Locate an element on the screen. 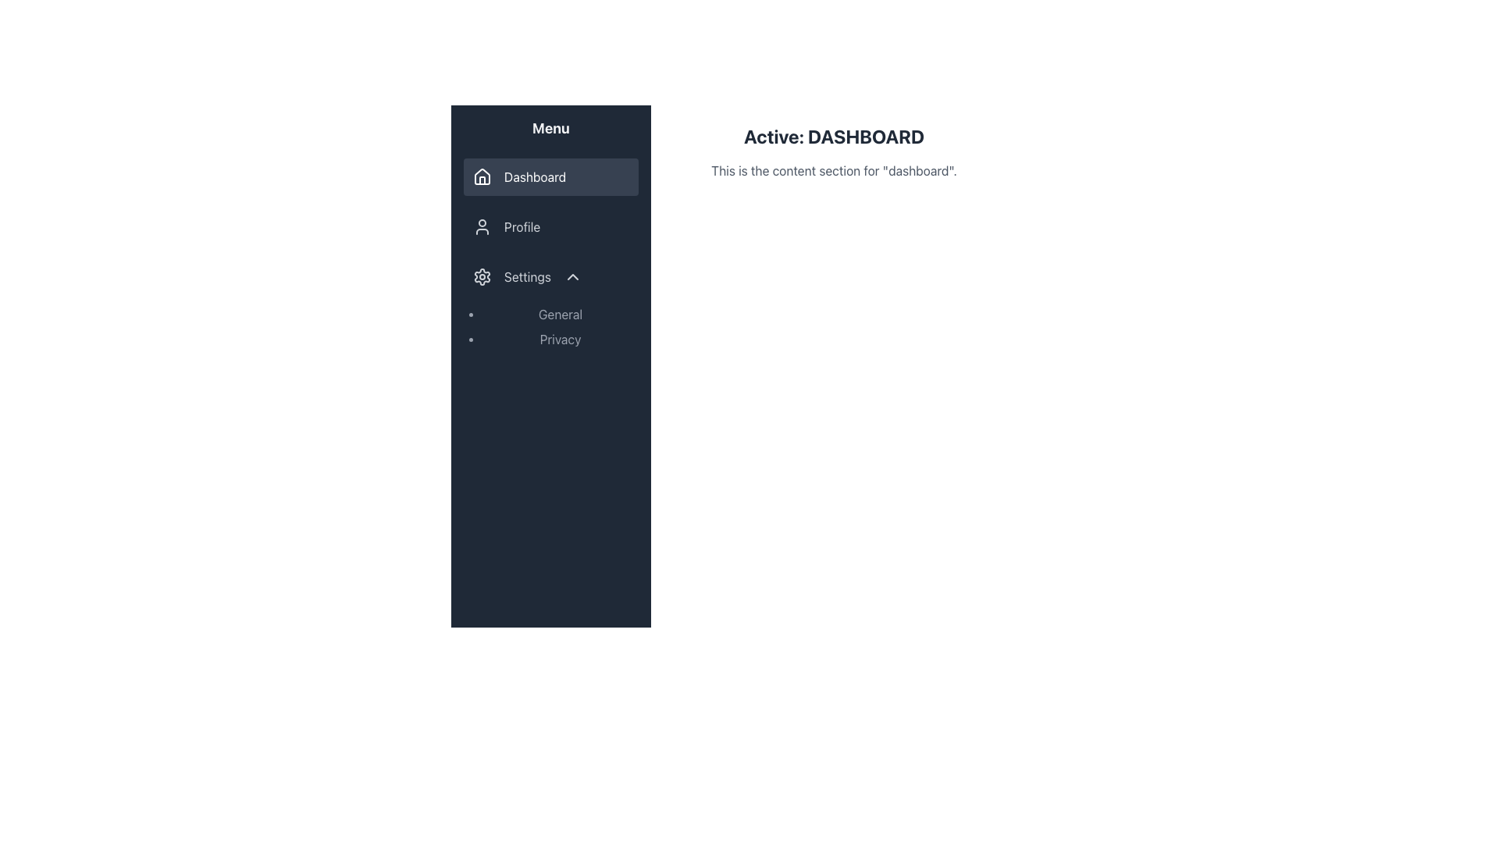 Image resolution: width=1499 pixels, height=843 pixels. the 'Privacy' text item, which is styled with a gray font color on a dark blue background and is the second item under the 'Settings' section in the sidebar is located at coordinates (561, 339).